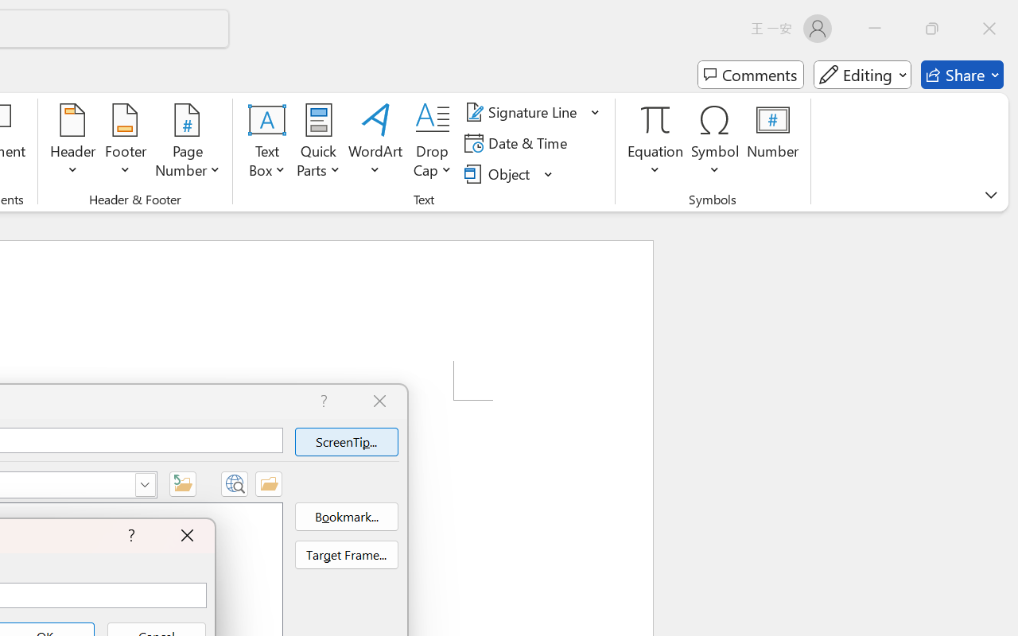  Describe the element at coordinates (750, 75) in the screenshot. I see `'Comments'` at that location.